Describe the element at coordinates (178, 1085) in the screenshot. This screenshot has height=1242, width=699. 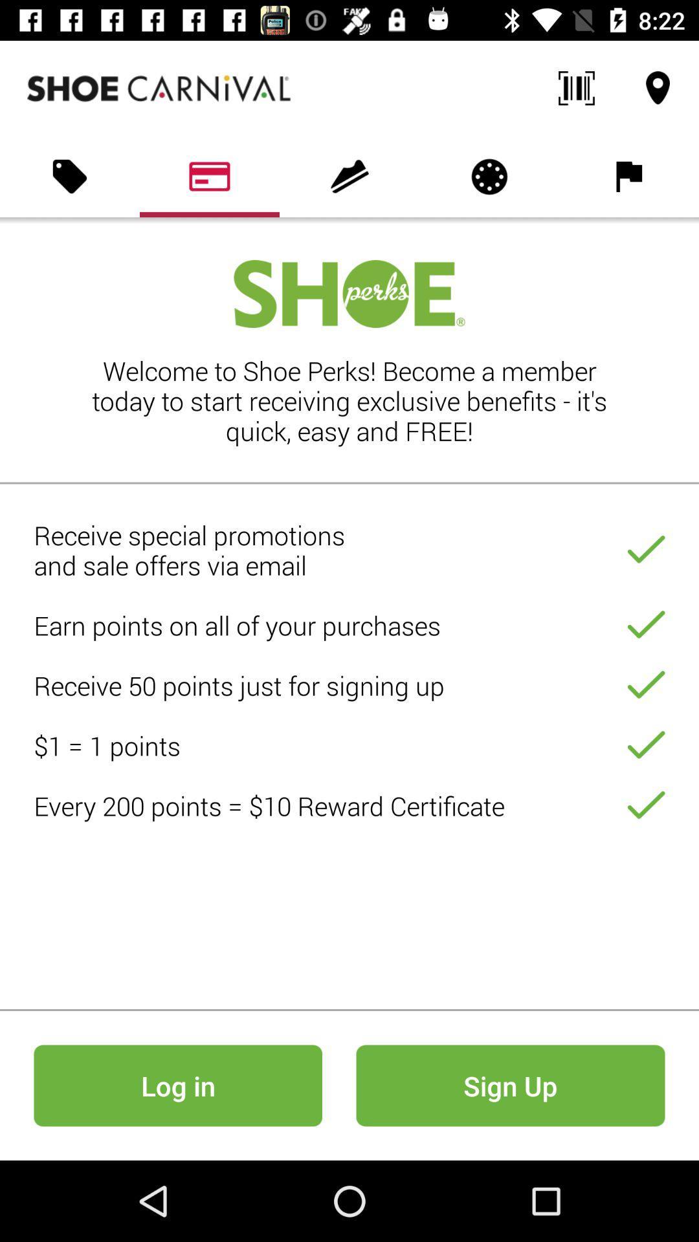
I see `icon to the left of sign up icon` at that location.